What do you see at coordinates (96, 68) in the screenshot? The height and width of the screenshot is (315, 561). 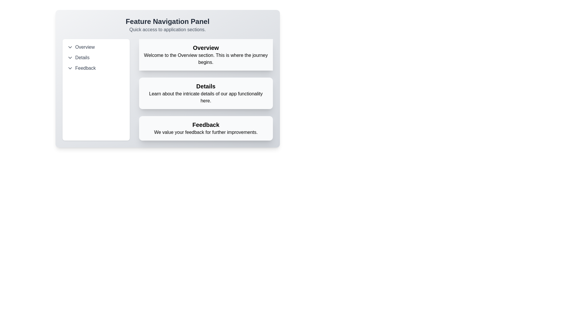 I see `the third item in the vertical navigation menu` at bounding box center [96, 68].